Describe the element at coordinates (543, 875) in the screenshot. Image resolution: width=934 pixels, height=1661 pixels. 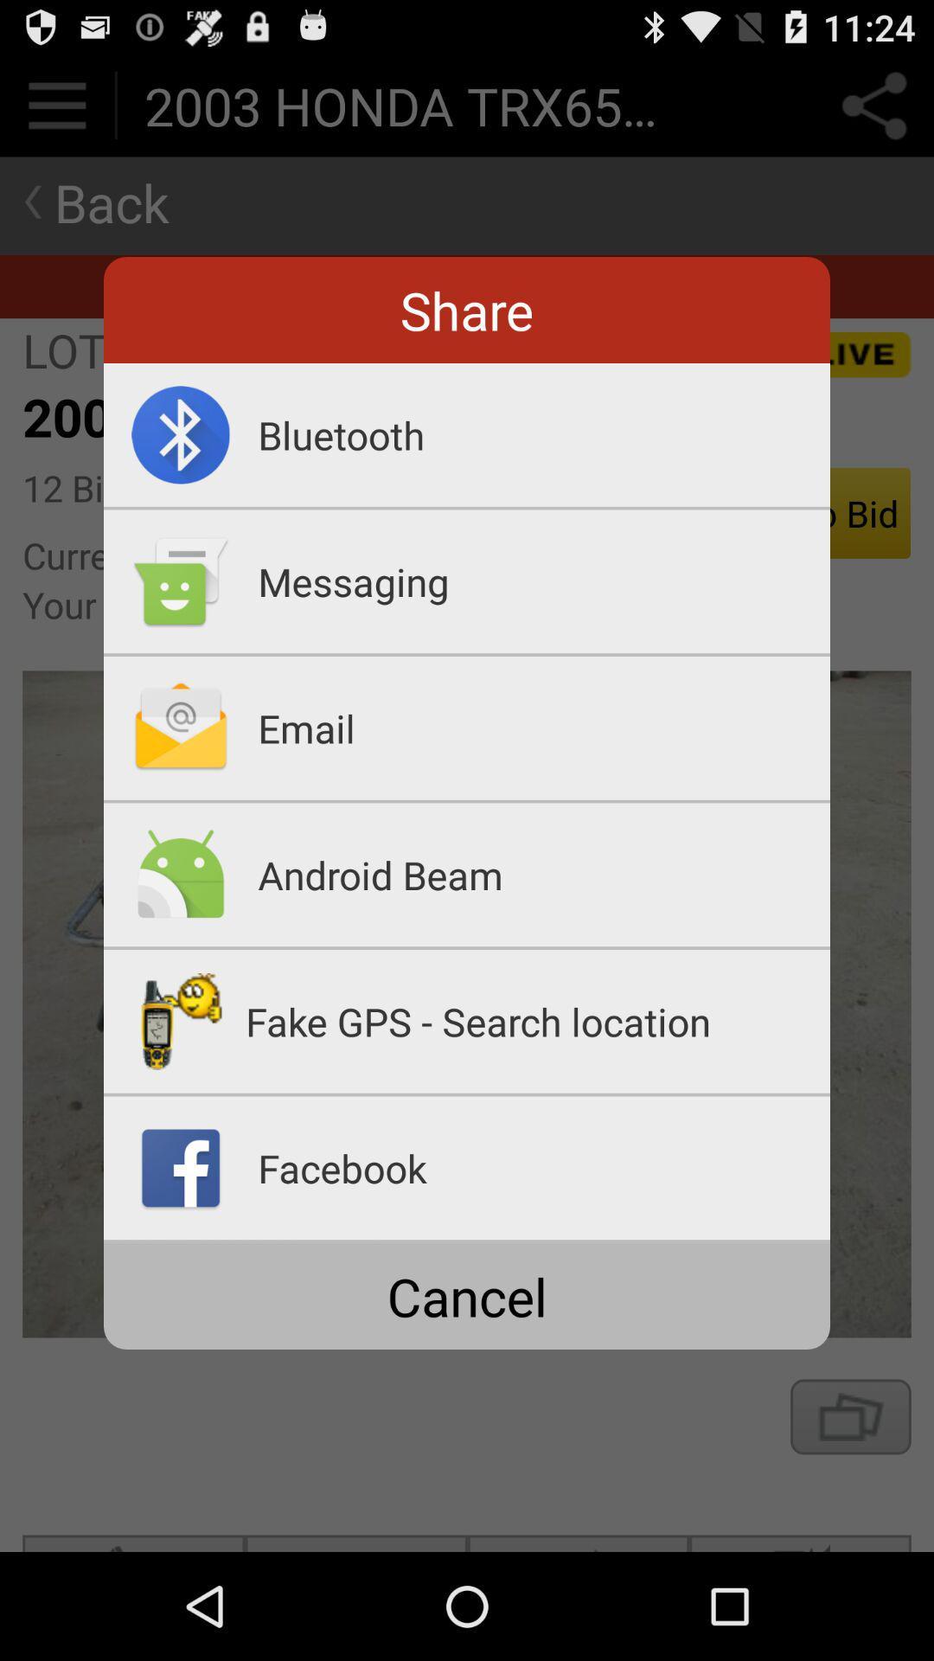
I see `android beam app` at that location.